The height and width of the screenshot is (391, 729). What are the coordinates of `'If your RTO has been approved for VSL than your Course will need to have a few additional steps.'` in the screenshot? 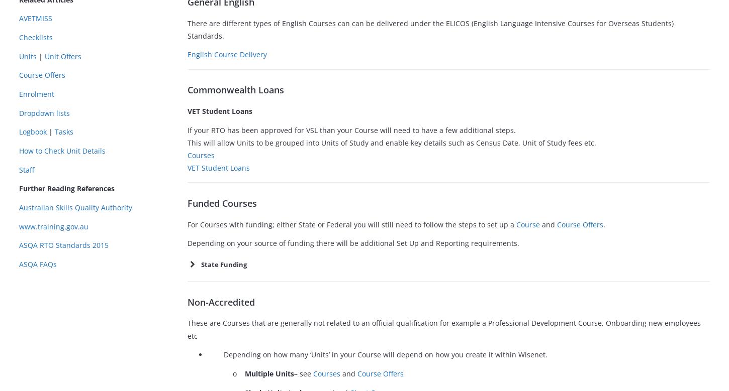 It's located at (351, 129).